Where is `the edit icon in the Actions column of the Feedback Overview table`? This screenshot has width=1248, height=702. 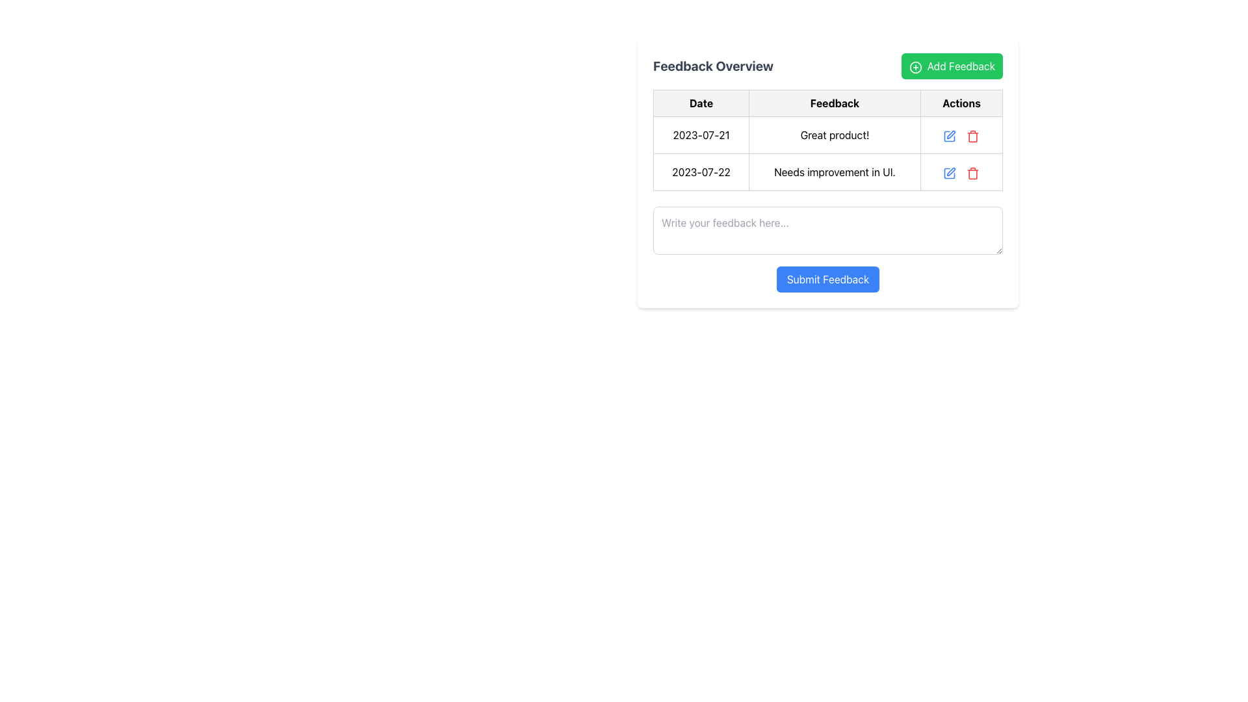 the edit icon in the Actions column of the Feedback Overview table is located at coordinates (952, 171).